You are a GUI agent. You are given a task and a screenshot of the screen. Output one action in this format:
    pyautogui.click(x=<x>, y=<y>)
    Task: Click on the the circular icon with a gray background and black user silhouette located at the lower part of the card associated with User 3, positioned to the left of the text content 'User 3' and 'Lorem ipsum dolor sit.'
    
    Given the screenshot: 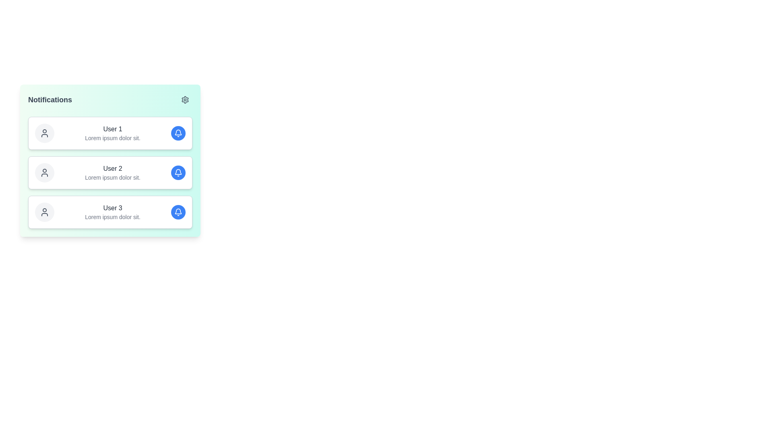 What is the action you would take?
    pyautogui.click(x=44, y=212)
    